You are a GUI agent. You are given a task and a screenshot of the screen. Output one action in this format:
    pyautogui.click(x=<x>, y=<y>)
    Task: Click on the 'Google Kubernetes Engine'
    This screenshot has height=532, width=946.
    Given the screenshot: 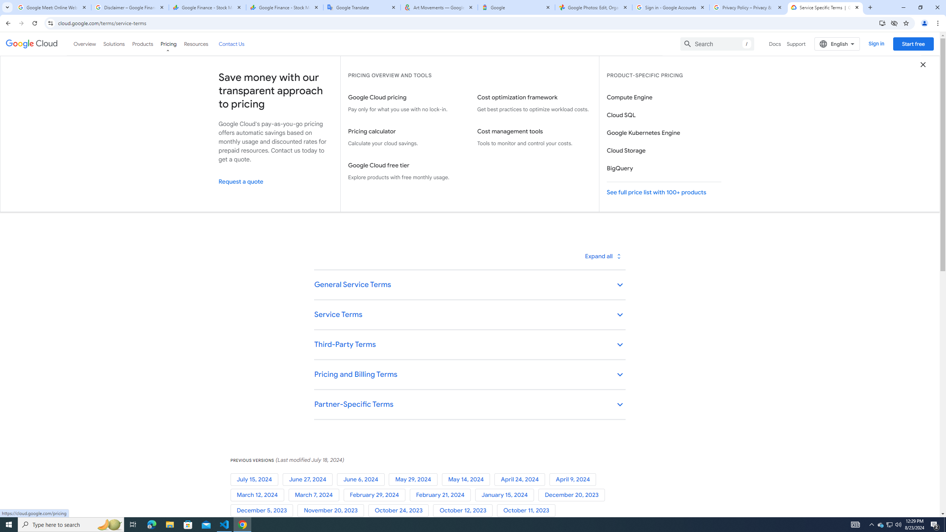 What is the action you would take?
    pyautogui.click(x=663, y=133)
    